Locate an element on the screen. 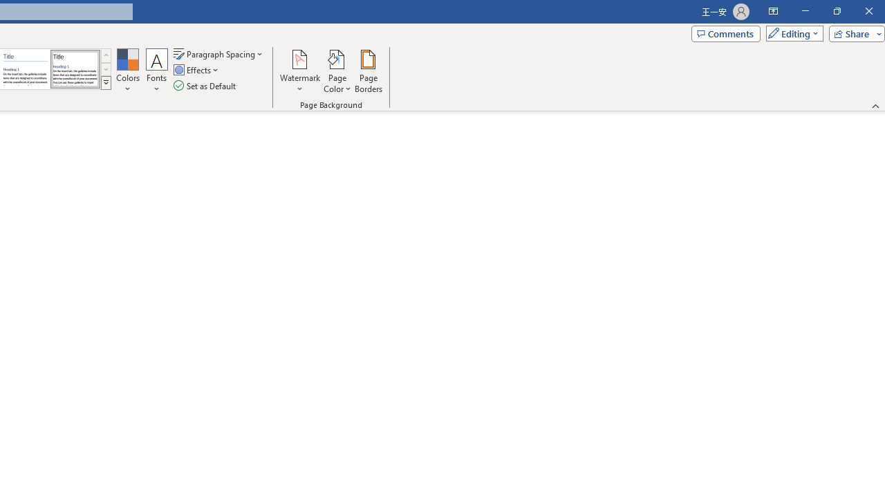 This screenshot has width=885, height=498. 'Word 2010' is located at coordinates (26, 69).